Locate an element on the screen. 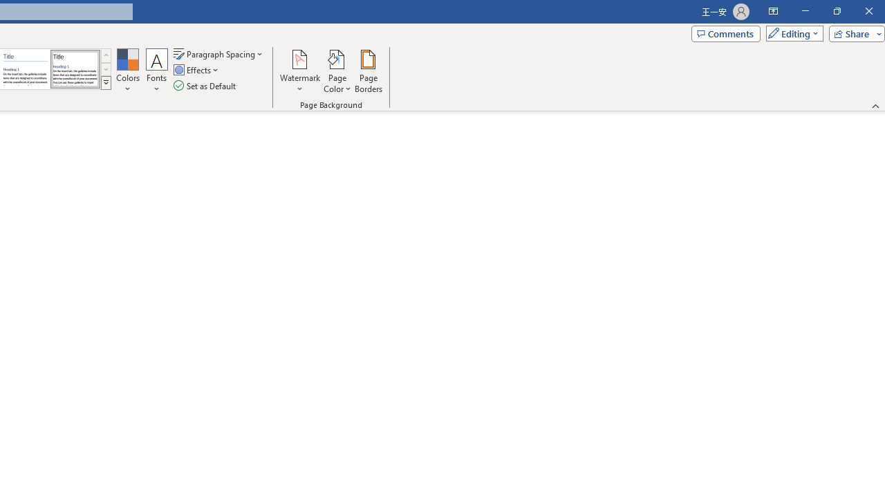 This screenshot has width=885, height=498. 'Word 2010' is located at coordinates (26, 69).